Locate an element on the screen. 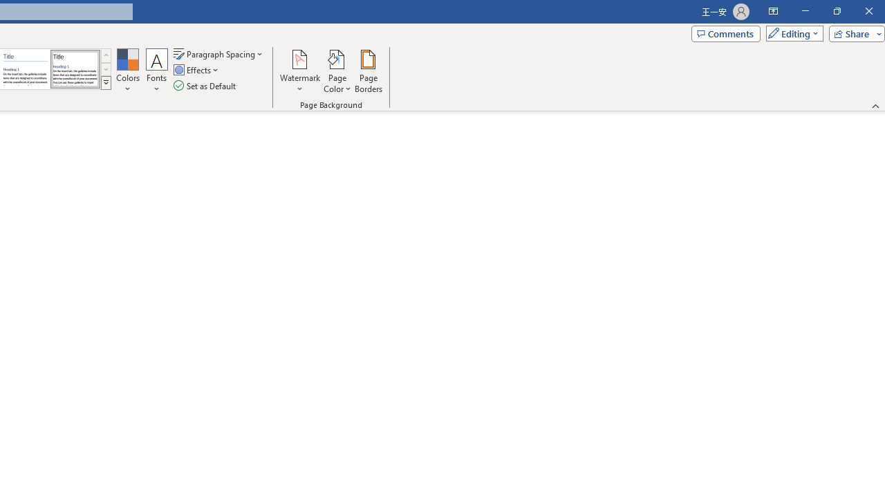 This screenshot has width=885, height=498. 'Word 2010' is located at coordinates (26, 69).